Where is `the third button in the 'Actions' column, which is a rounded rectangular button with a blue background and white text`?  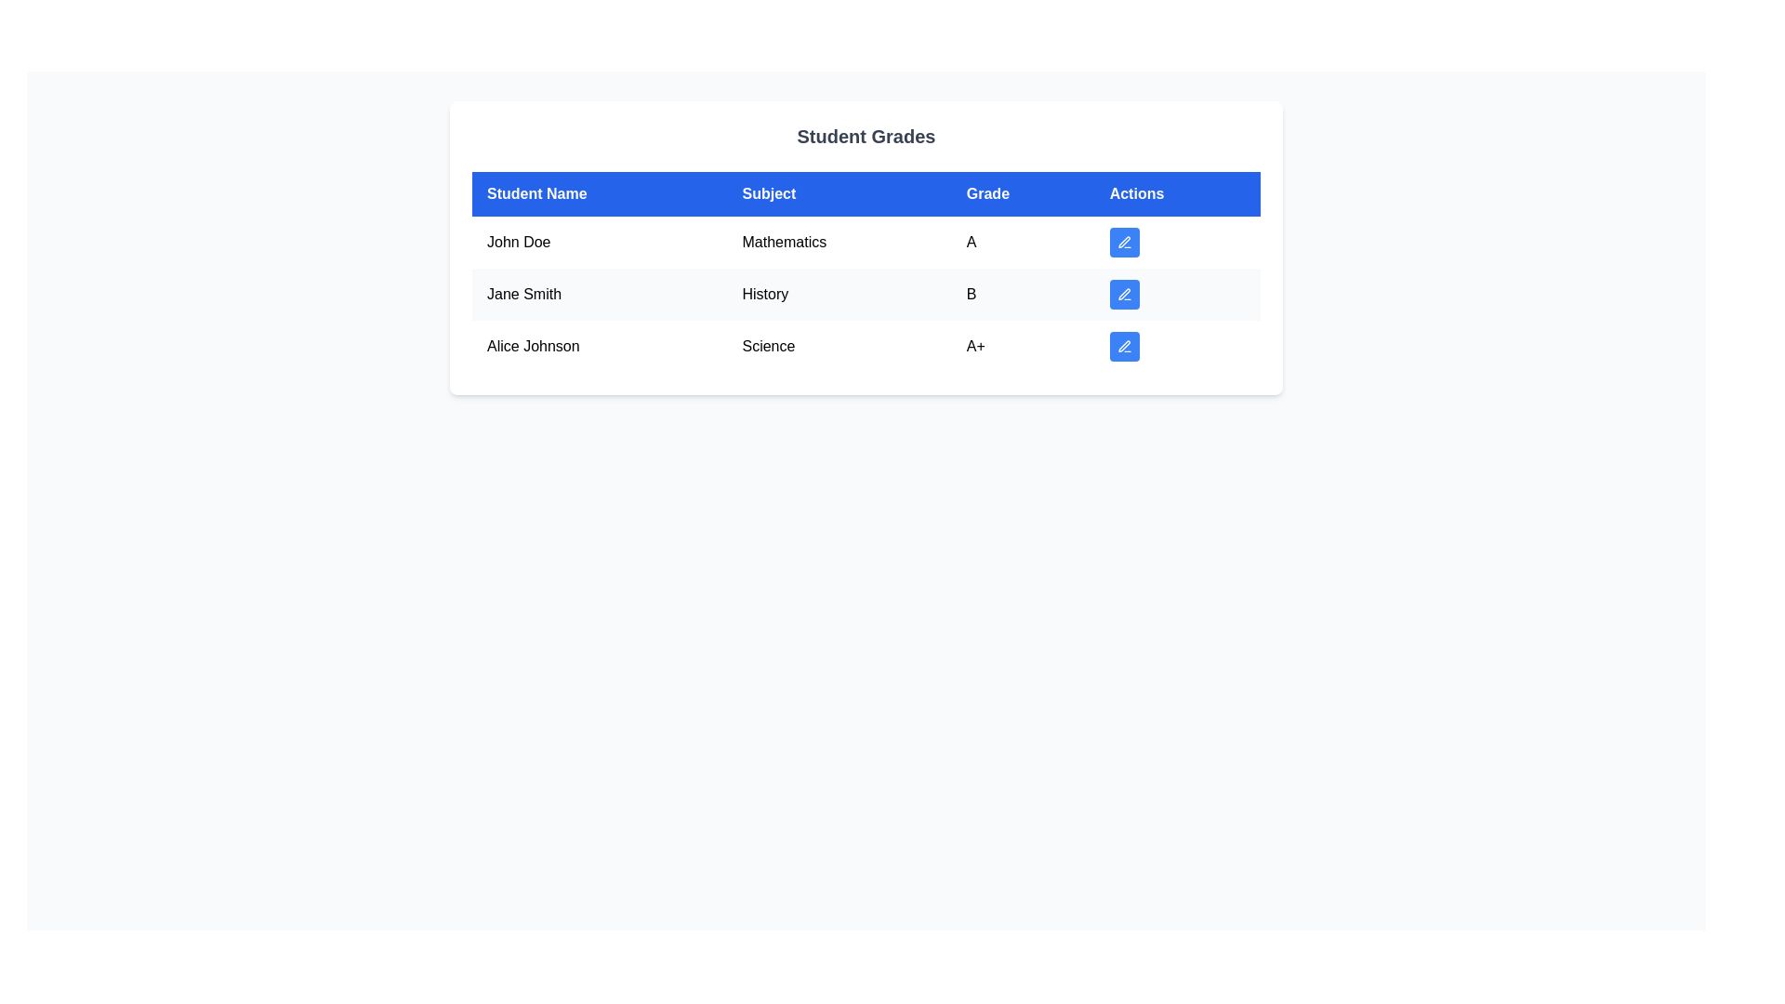 the third button in the 'Actions' column, which is a rounded rectangular button with a blue background and white text is located at coordinates (1123, 347).